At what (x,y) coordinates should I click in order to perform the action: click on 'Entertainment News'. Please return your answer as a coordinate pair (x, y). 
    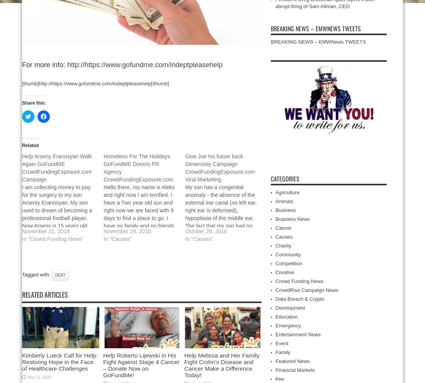
    Looking at the image, I should click on (298, 334).